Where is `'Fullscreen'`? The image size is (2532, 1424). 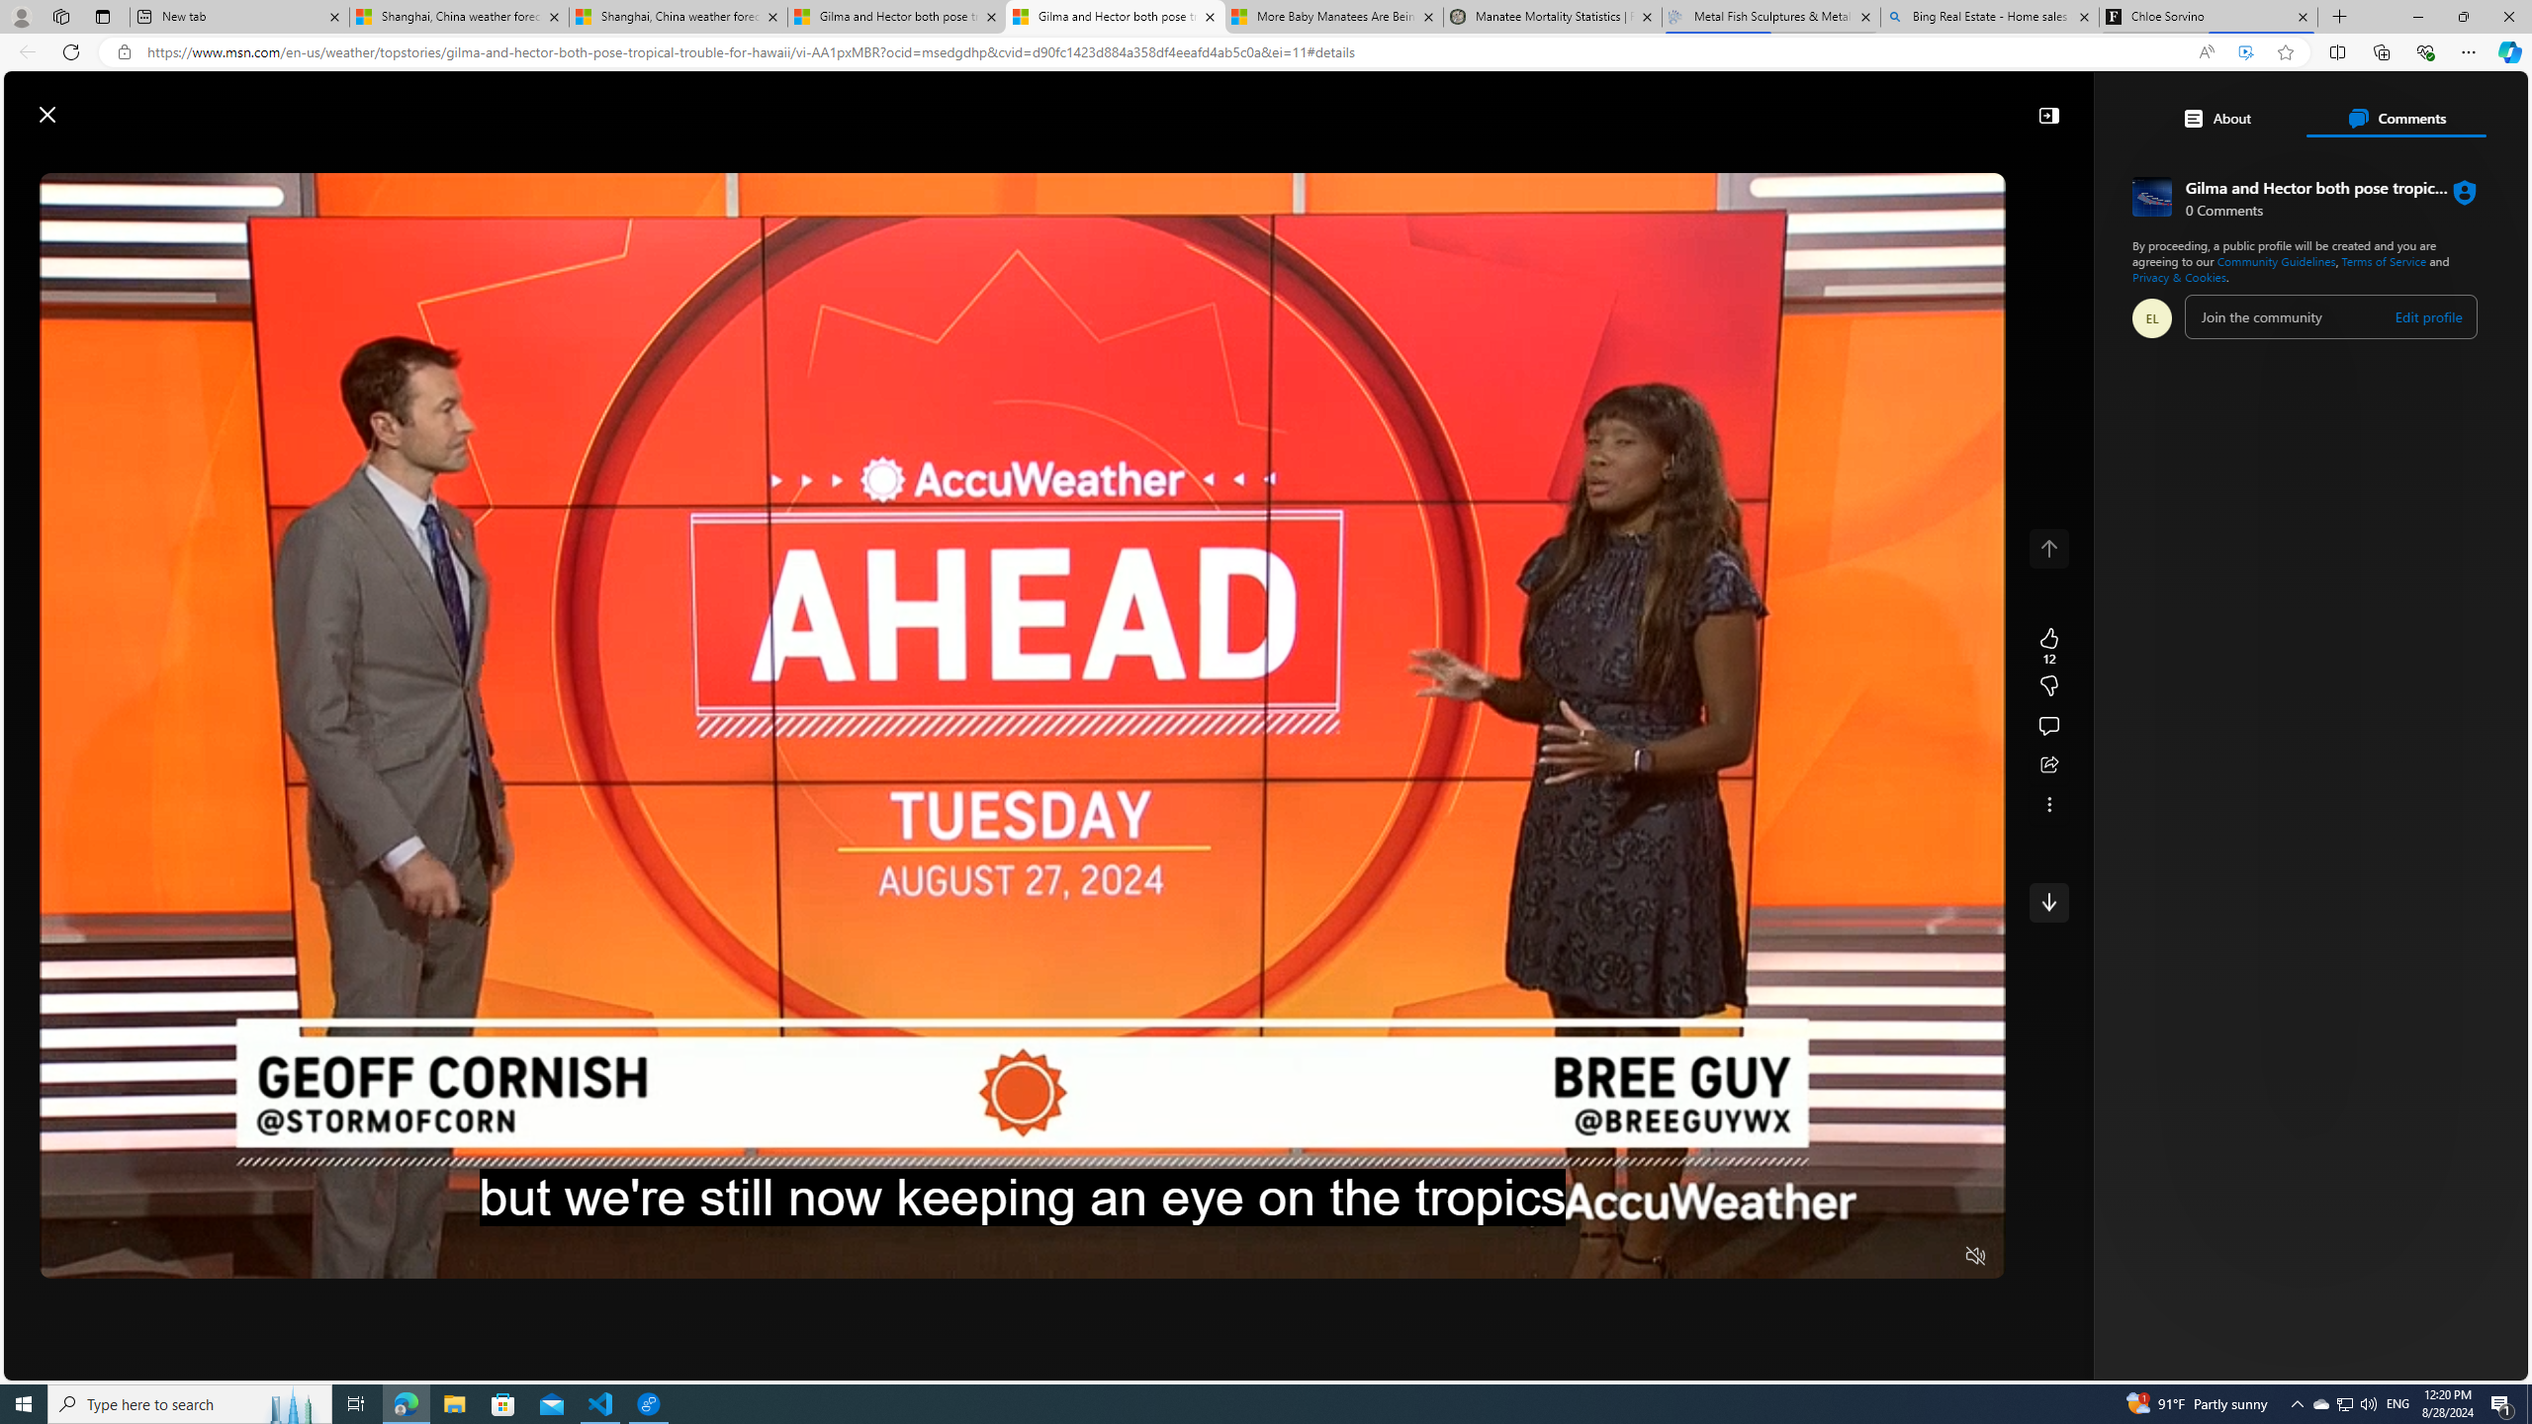 'Fullscreen' is located at coordinates (1937, 1257).